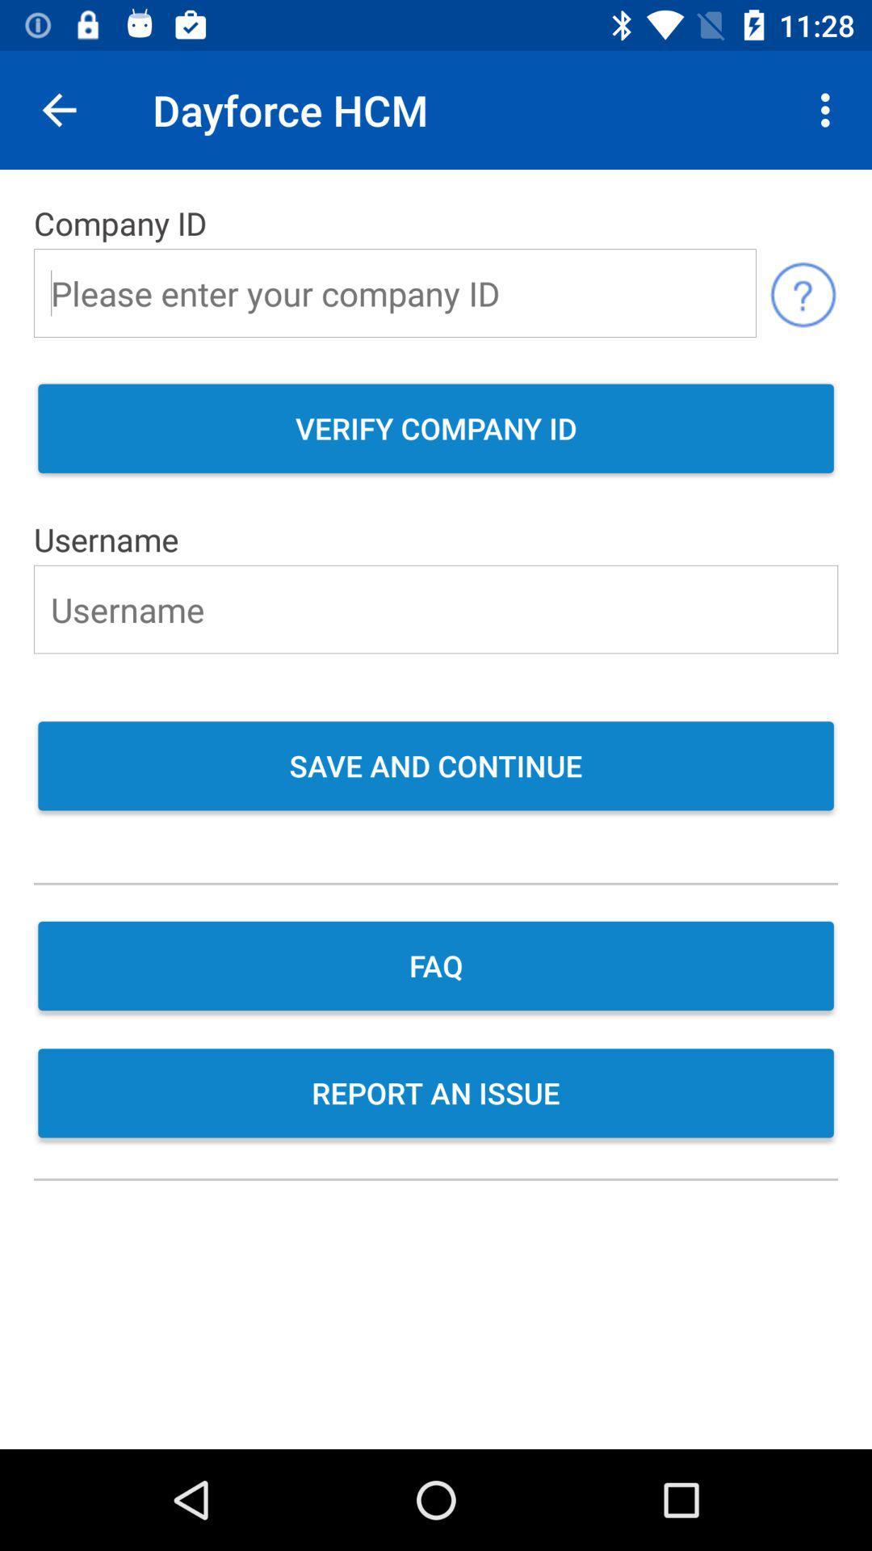  What do you see at coordinates (436, 767) in the screenshot?
I see `the save and continue item` at bounding box center [436, 767].